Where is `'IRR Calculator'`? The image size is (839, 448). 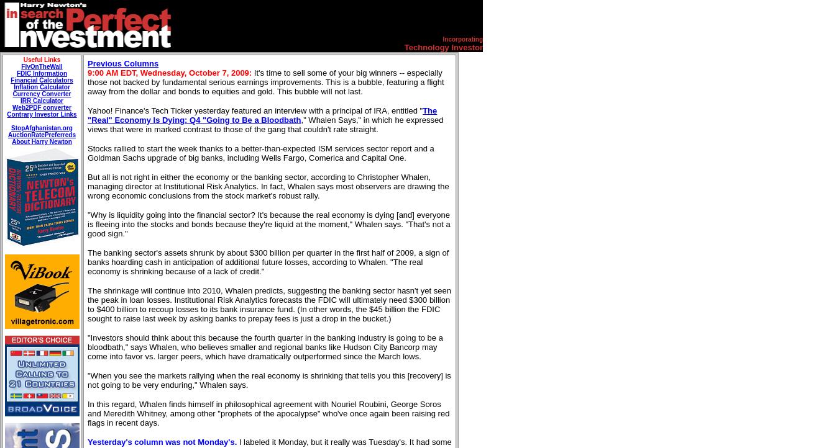 'IRR Calculator' is located at coordinates (19, 101).